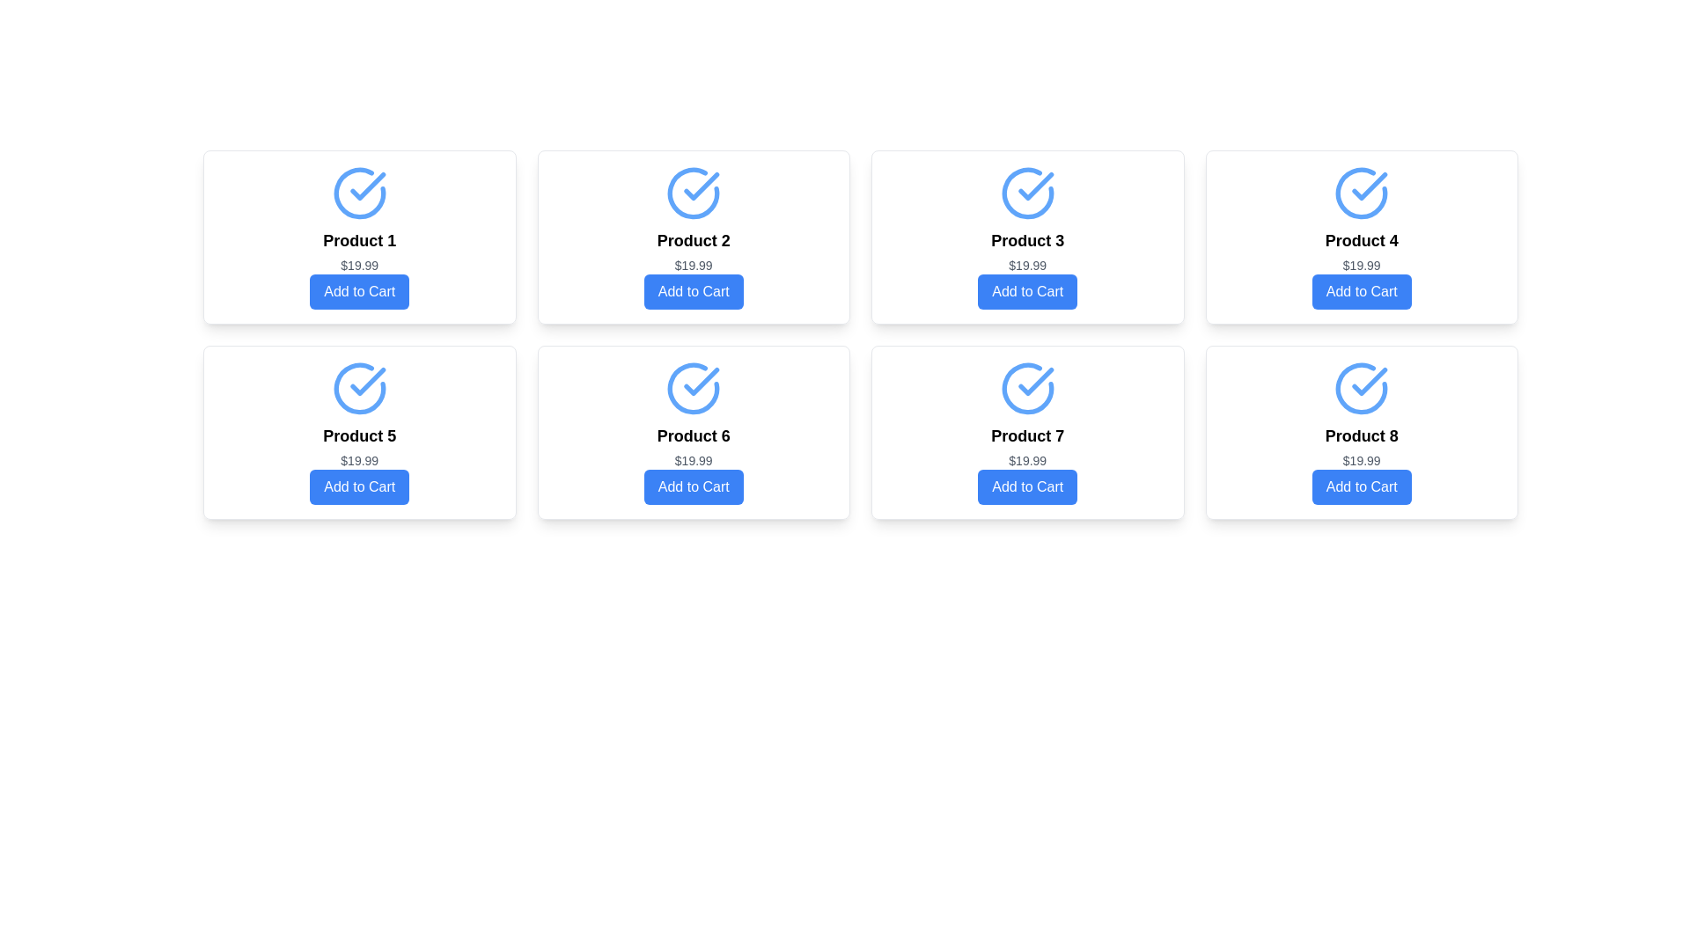  Describe the element at coordinates (358, 237) in the screenshot. I see `the first product card in the grid layout` at that location.